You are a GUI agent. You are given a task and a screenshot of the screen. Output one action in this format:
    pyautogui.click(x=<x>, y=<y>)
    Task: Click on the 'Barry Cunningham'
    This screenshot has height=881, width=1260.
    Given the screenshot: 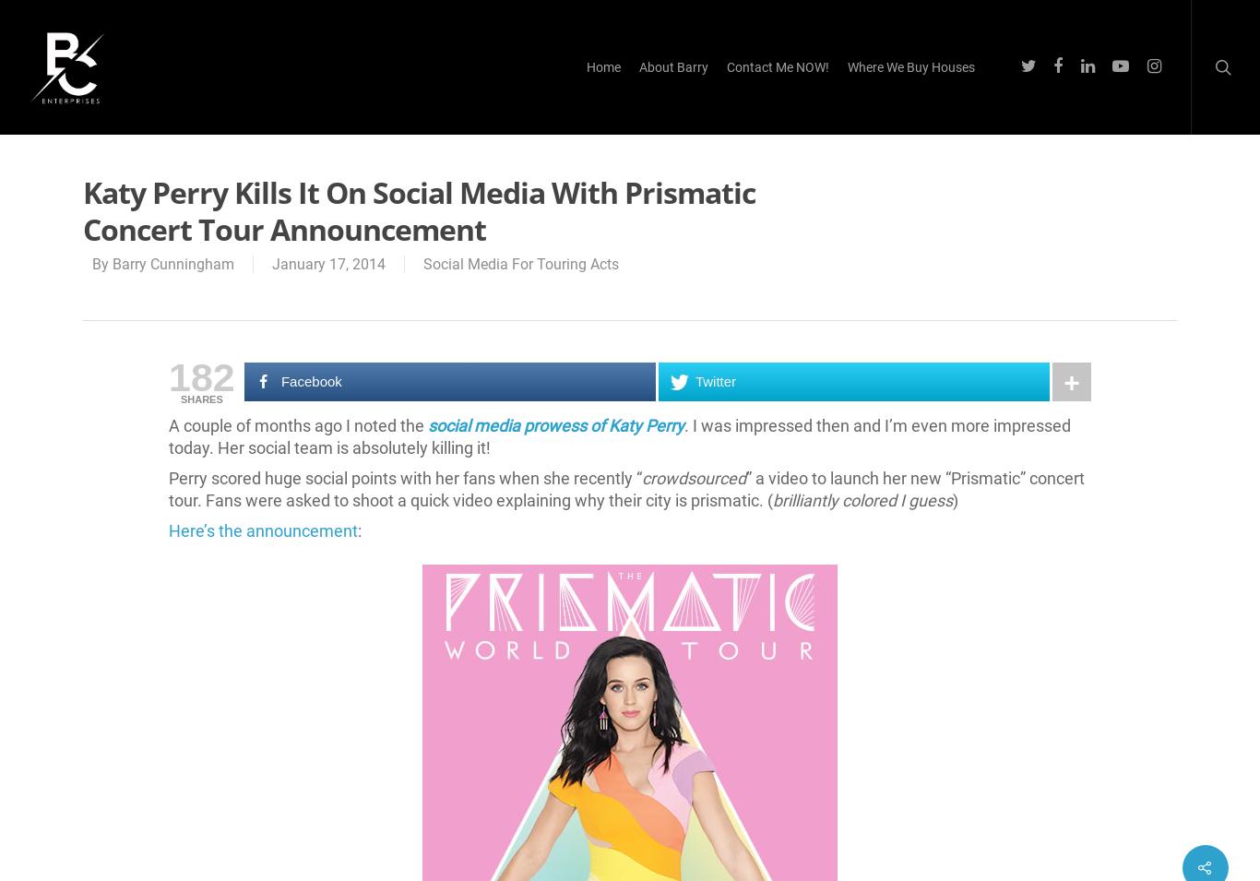 What is the action you would take?
    pyautogui.click(x=172, y=264)
    